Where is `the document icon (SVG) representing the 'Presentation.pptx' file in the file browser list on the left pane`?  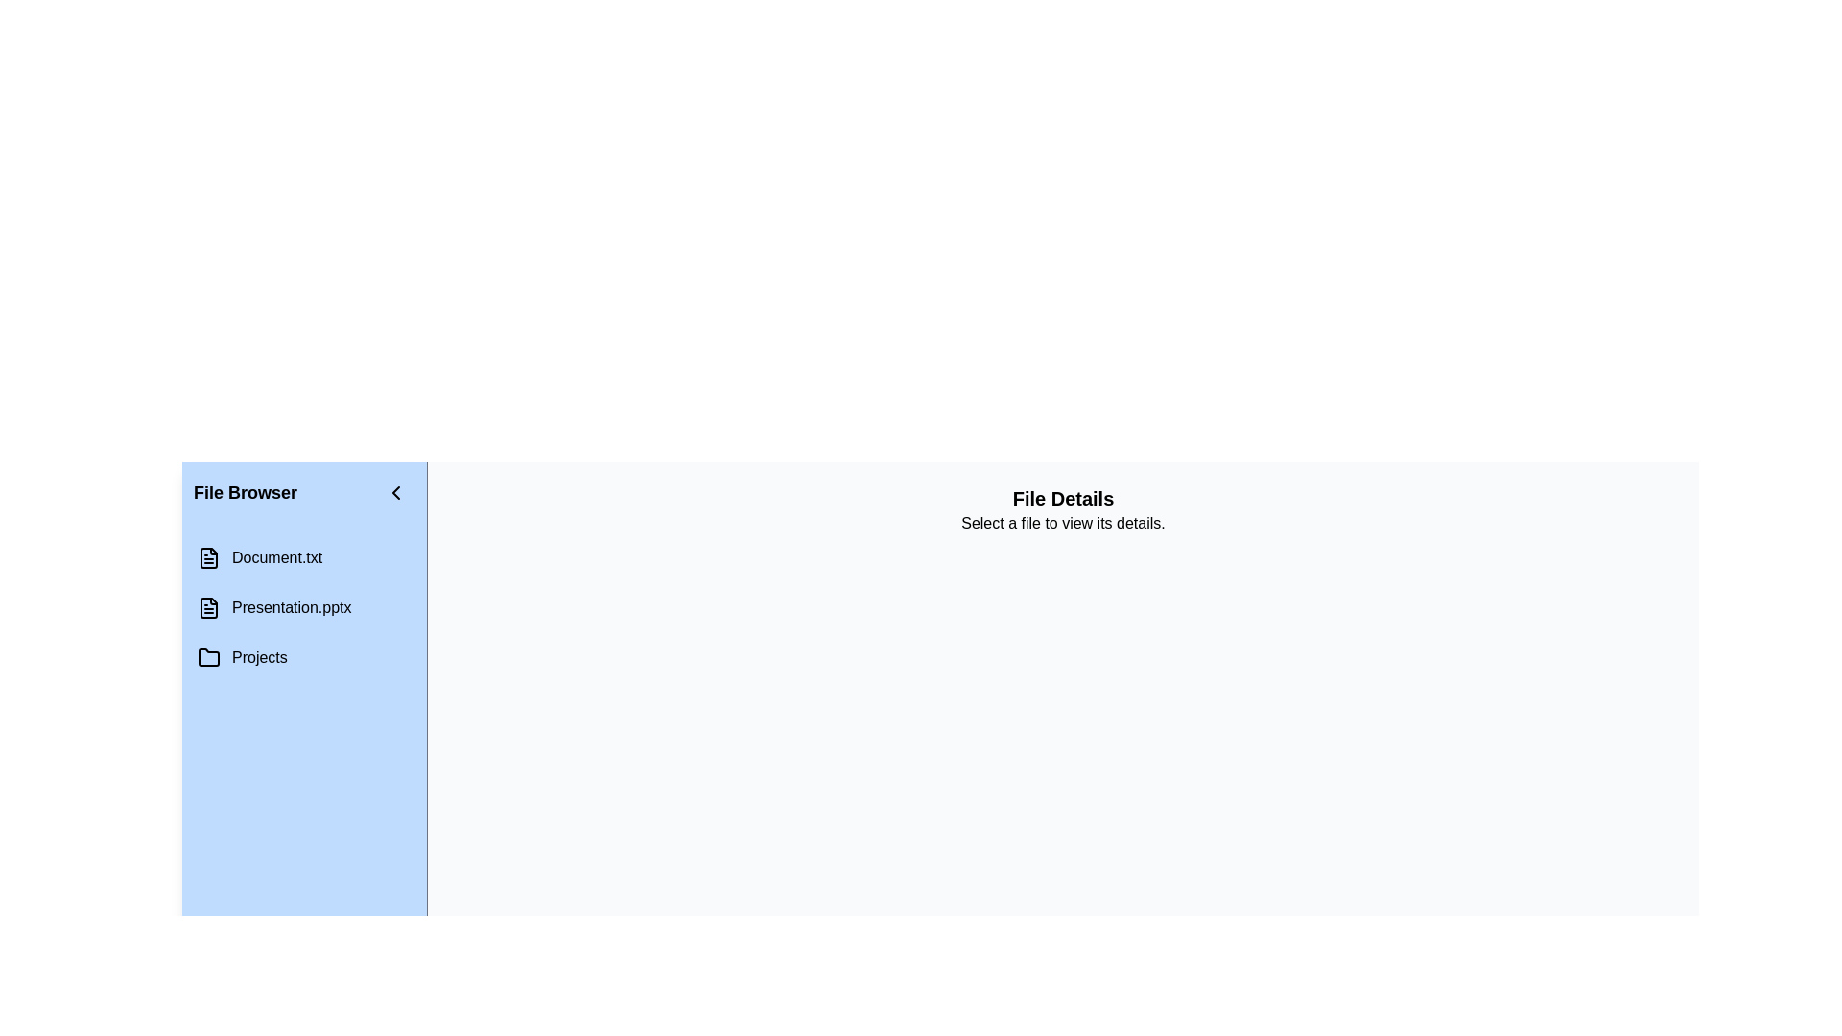
the document icon (SVG) representing the 'Presentation.pptx' file in the file browser list on the left pane is located at coordinates (208, 607).